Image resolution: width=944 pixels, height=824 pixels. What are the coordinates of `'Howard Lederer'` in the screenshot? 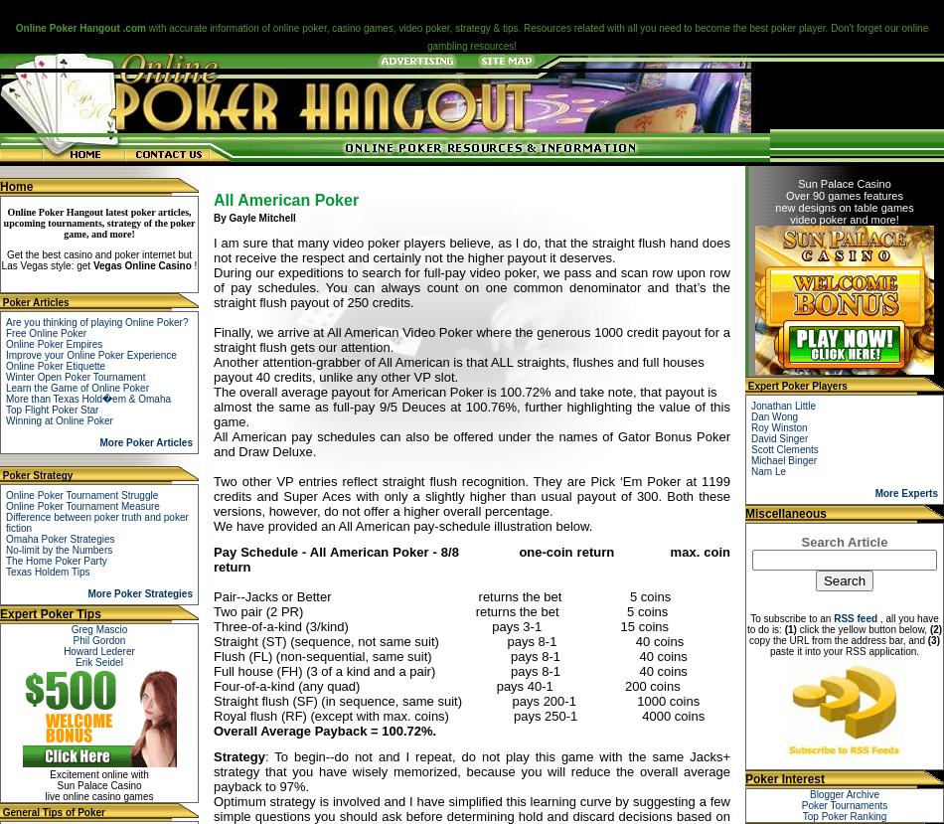 It's located at (98, 650).